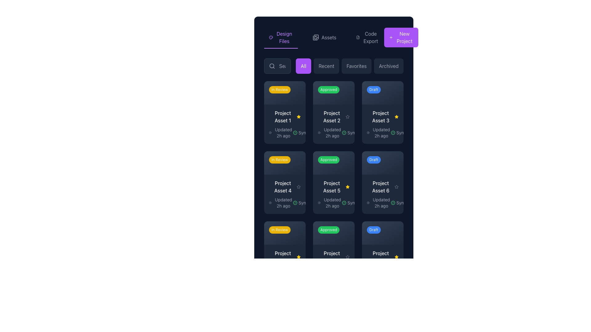  What do you see at coordinates (382, 257) in the screenshot?
I see `the yellow star icon adjacent to the 'Project Asset 9' text label located in the bottom right corner of the grid layout` at bounding box center [382, 257].